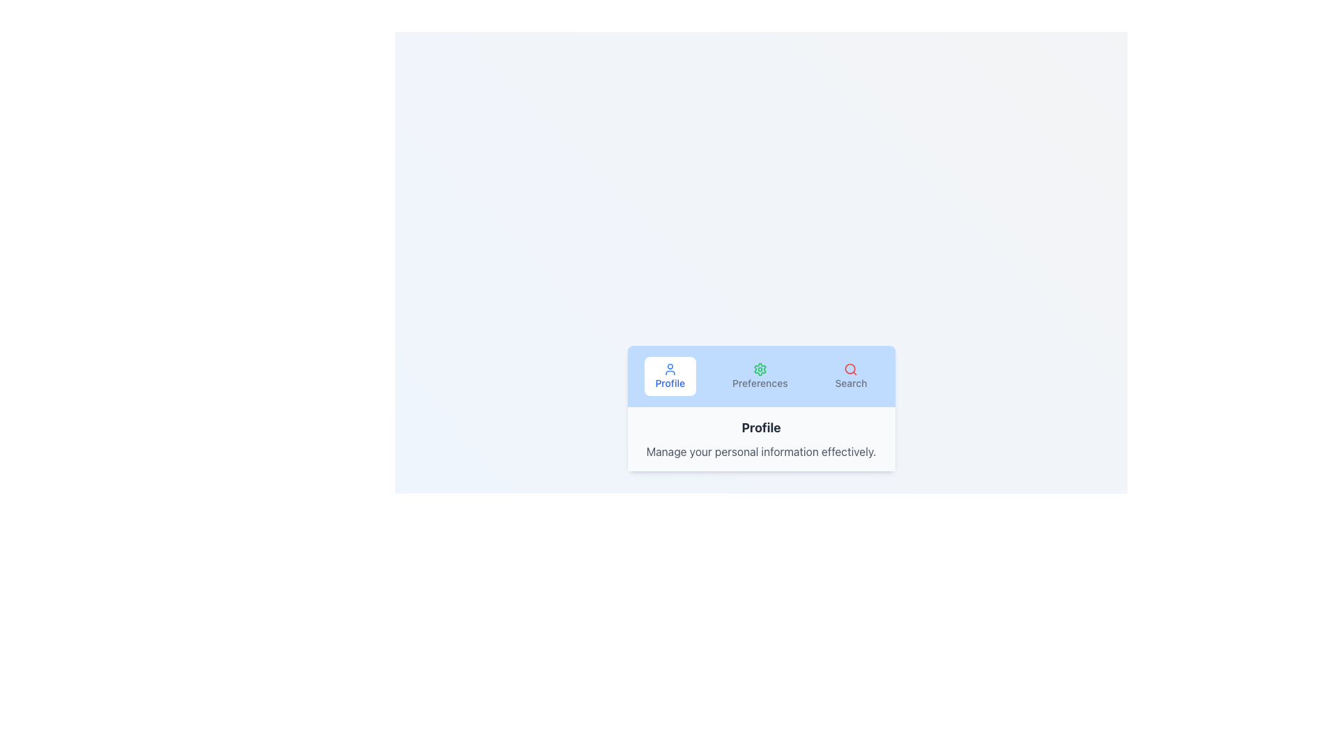  Describe the element at coordinates (760, 452) in the screenshot. I see `the text label displaying 'Manage your personal information effectively.' located below the 'Profile' heading` at that location.